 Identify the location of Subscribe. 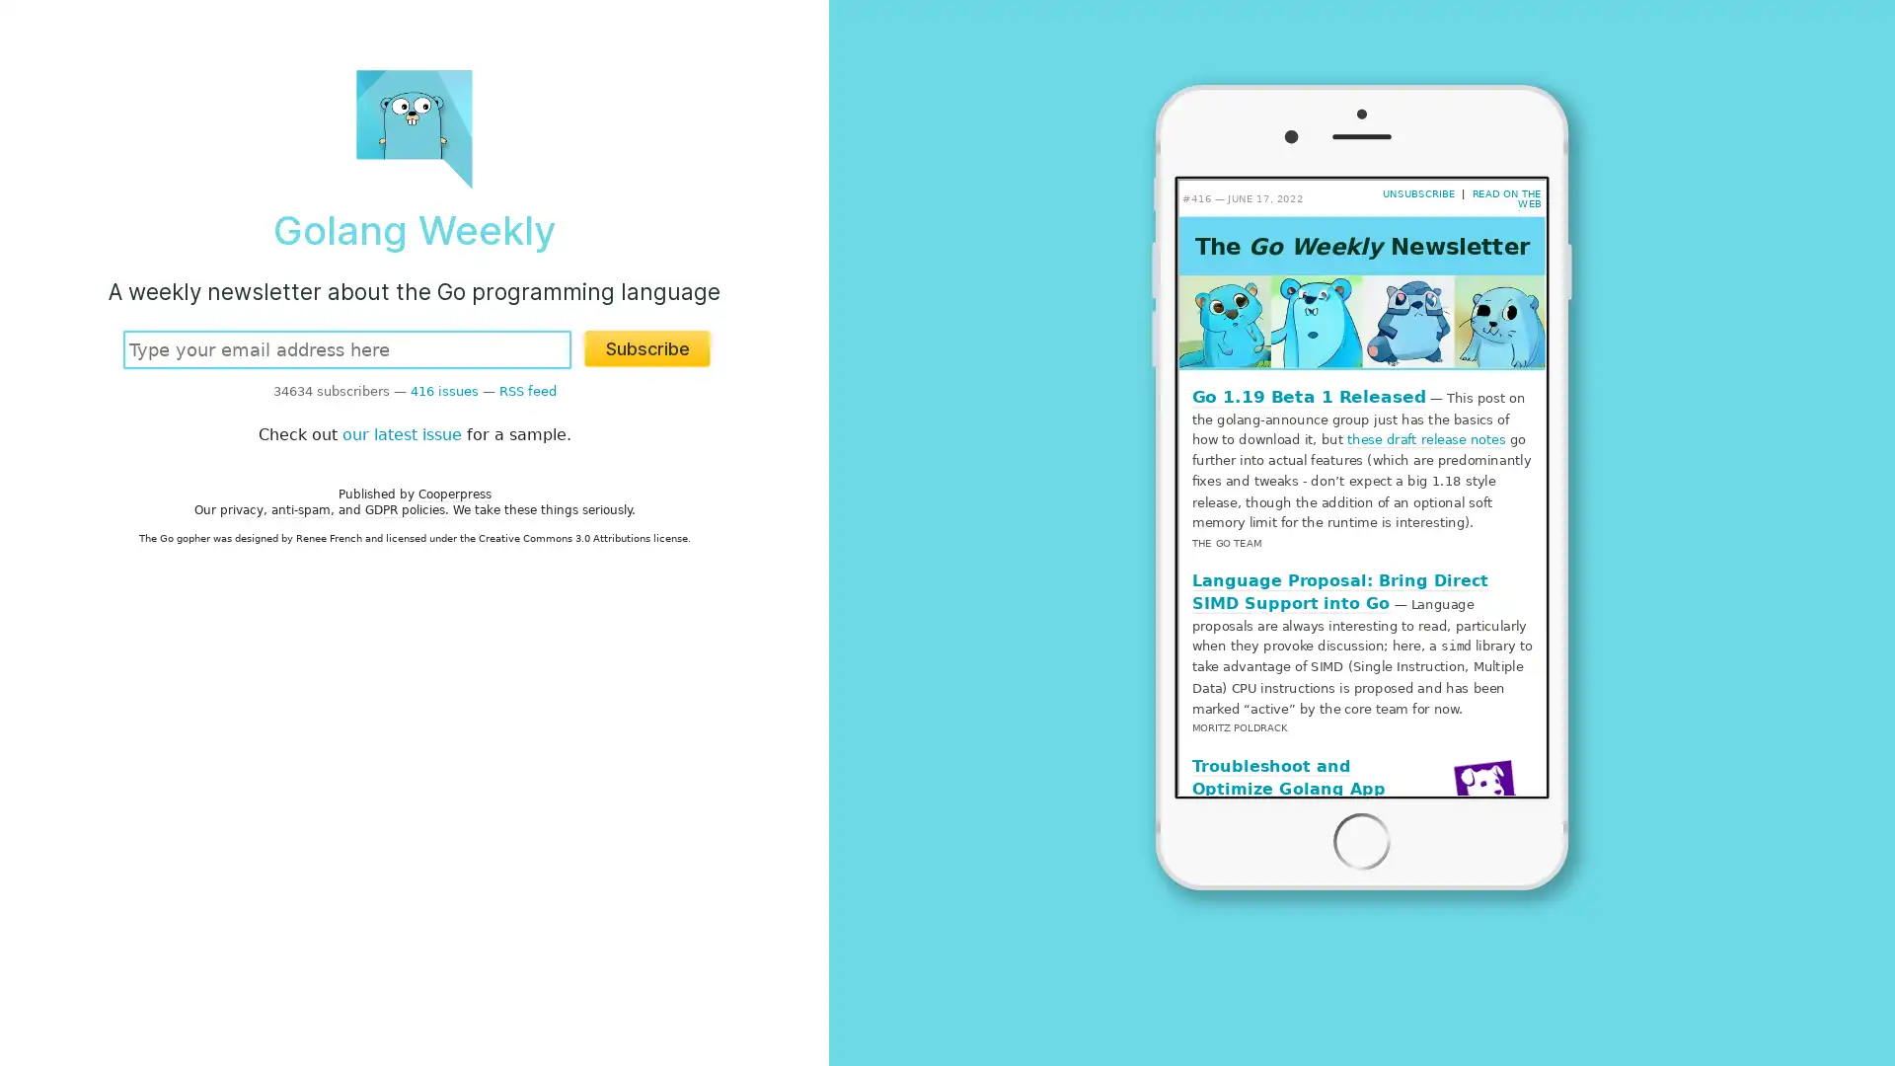
(647, 346).